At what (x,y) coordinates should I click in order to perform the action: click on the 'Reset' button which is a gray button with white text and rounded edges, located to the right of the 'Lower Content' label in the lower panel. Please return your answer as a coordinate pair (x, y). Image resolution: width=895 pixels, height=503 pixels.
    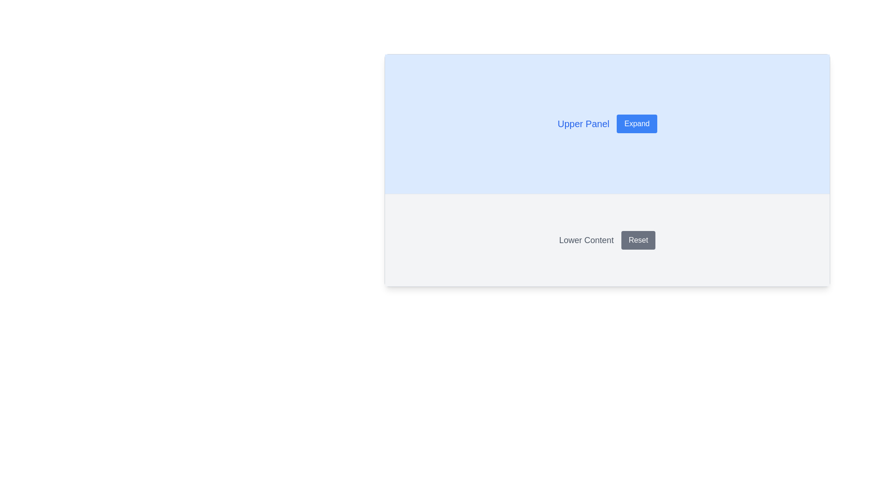
    Looking at the image, I should click on (638, 239).